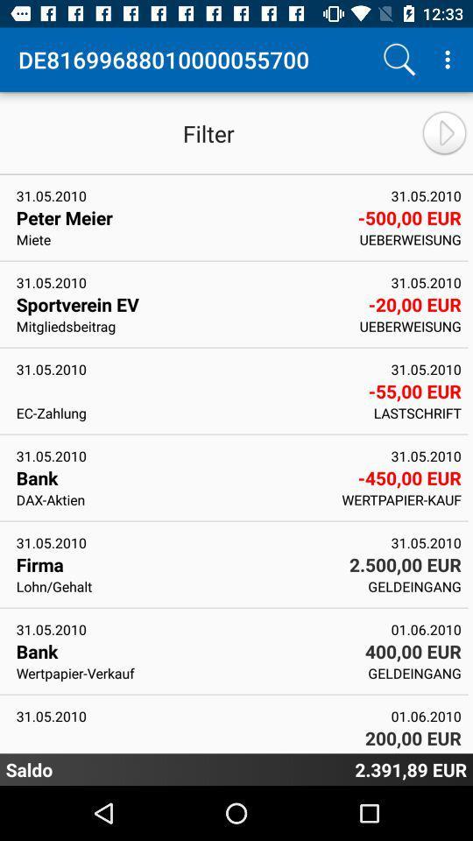  Describe the element at coordinates (177, 563) in the screenshot. I see `icon next to 2 500 00 icon` at that location.